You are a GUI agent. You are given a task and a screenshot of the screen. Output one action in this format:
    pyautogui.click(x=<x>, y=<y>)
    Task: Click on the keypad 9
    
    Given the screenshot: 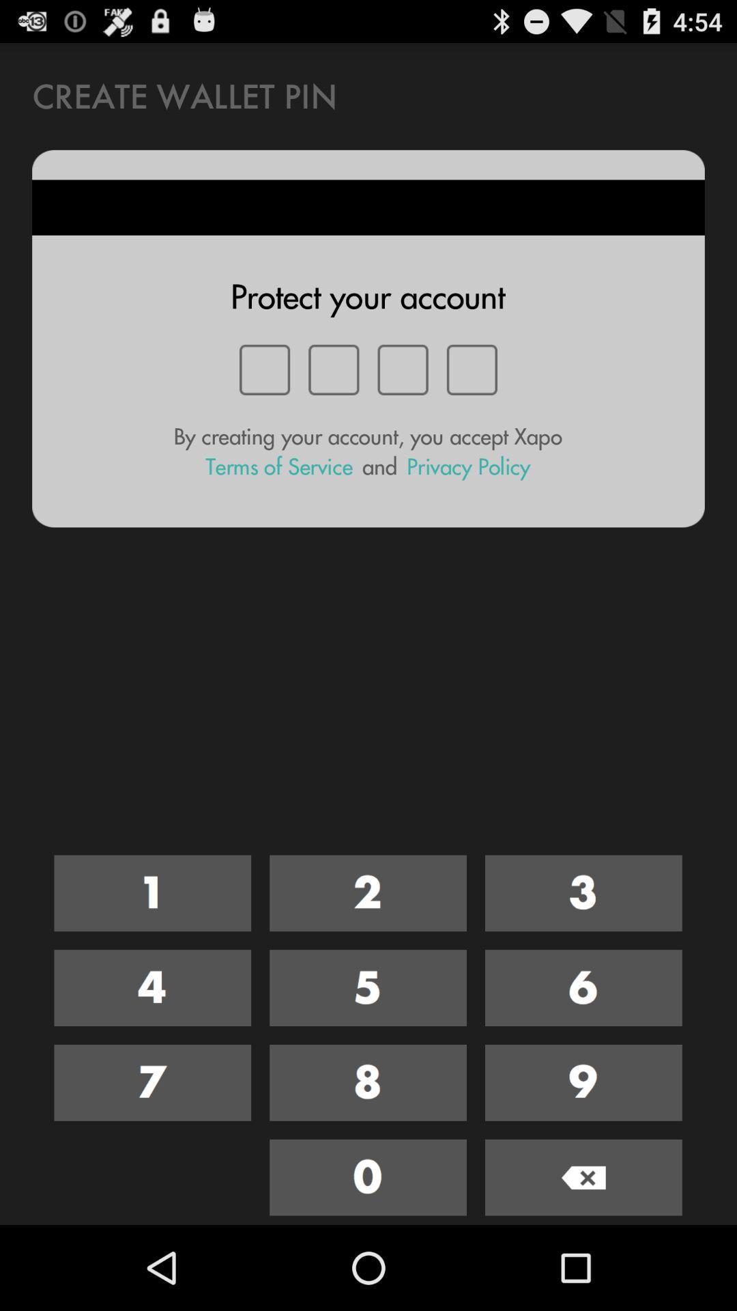 What is the action you would take?
    pyautogui.click(x=583, y=1082)
    